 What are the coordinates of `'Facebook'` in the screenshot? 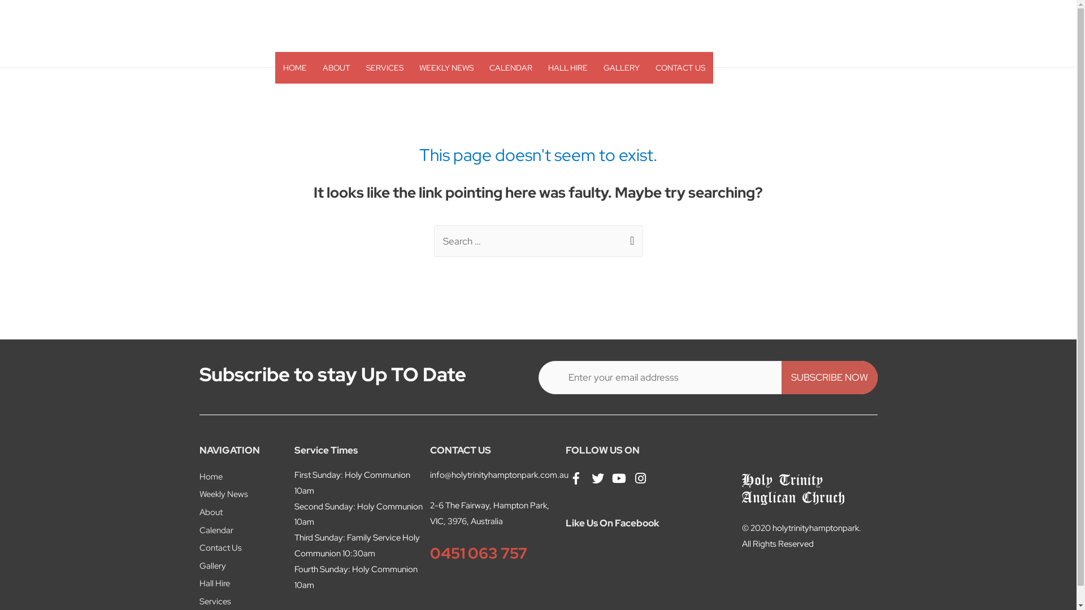 It's located at (566, 478).